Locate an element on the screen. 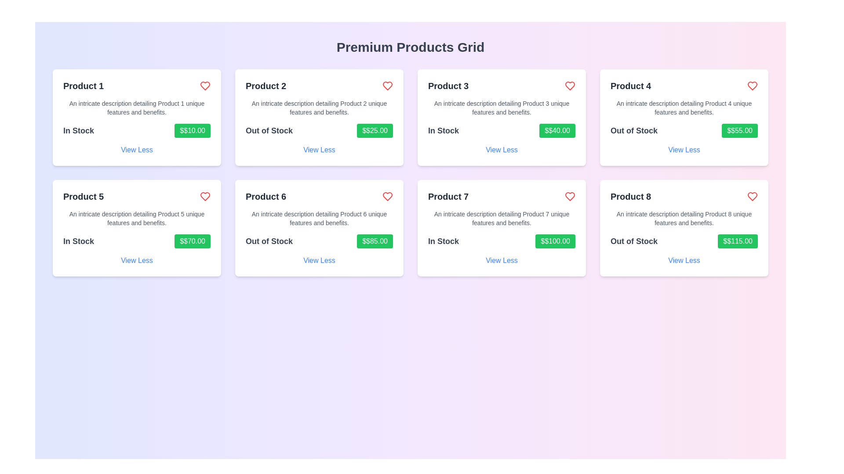  the rectangular button with a bright green background displaying the price '$$55.00' located in the bottom right section of the 'Product 4' card is located at coordinates (739, 130).